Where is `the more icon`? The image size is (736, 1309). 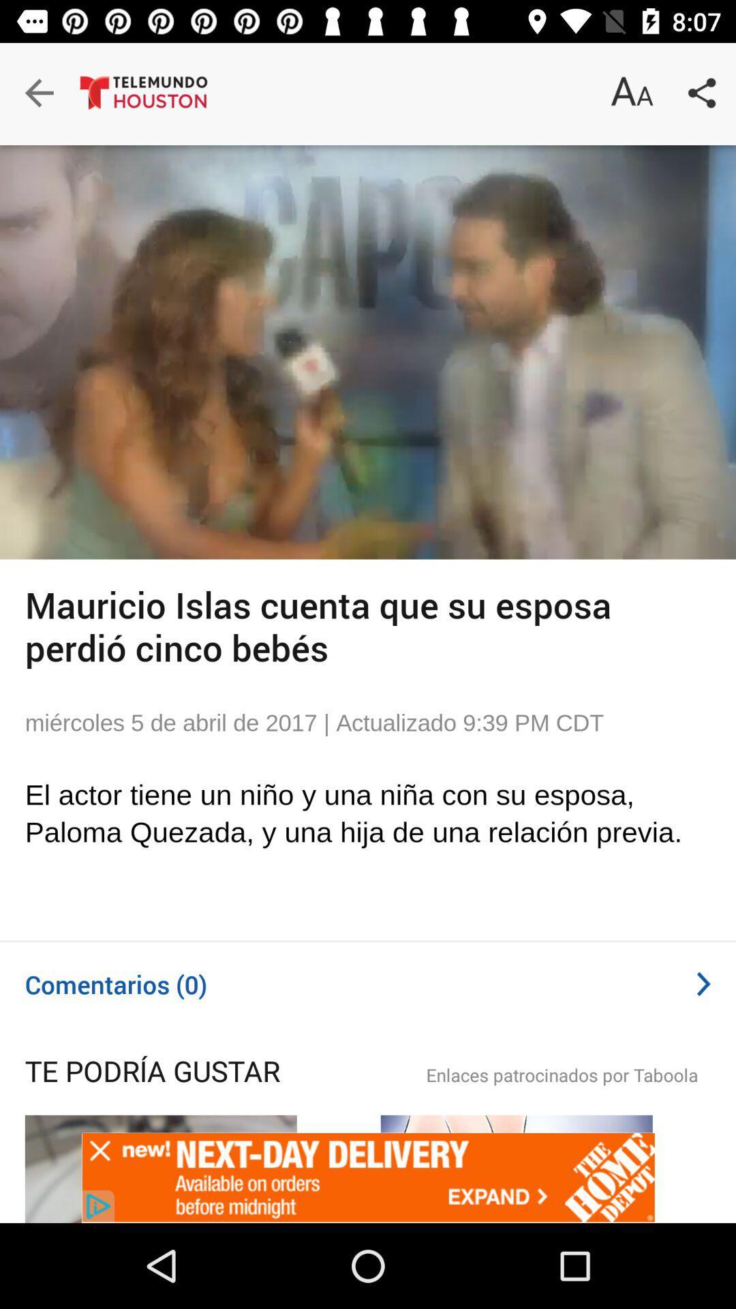 the more icon is located at coordinates (690, 1085).